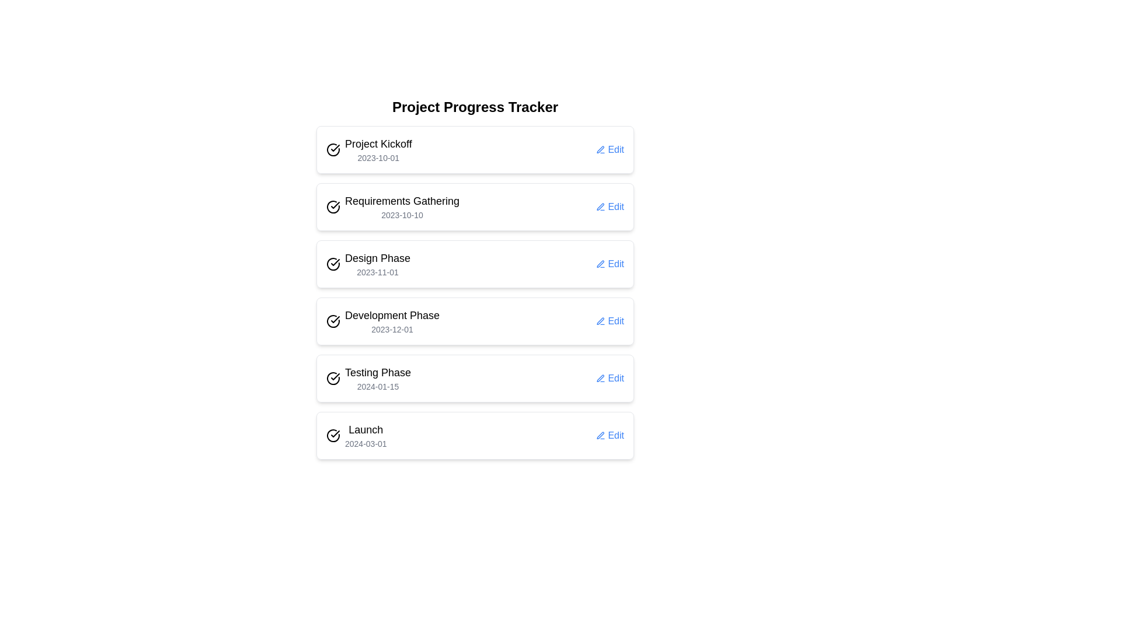 Image resolution: width=1121 pixels, height=630 pixels. I want to click on the Text label that serves as a title for the corresponding project phase in the Project Progress Tracker, so click(365, 429).